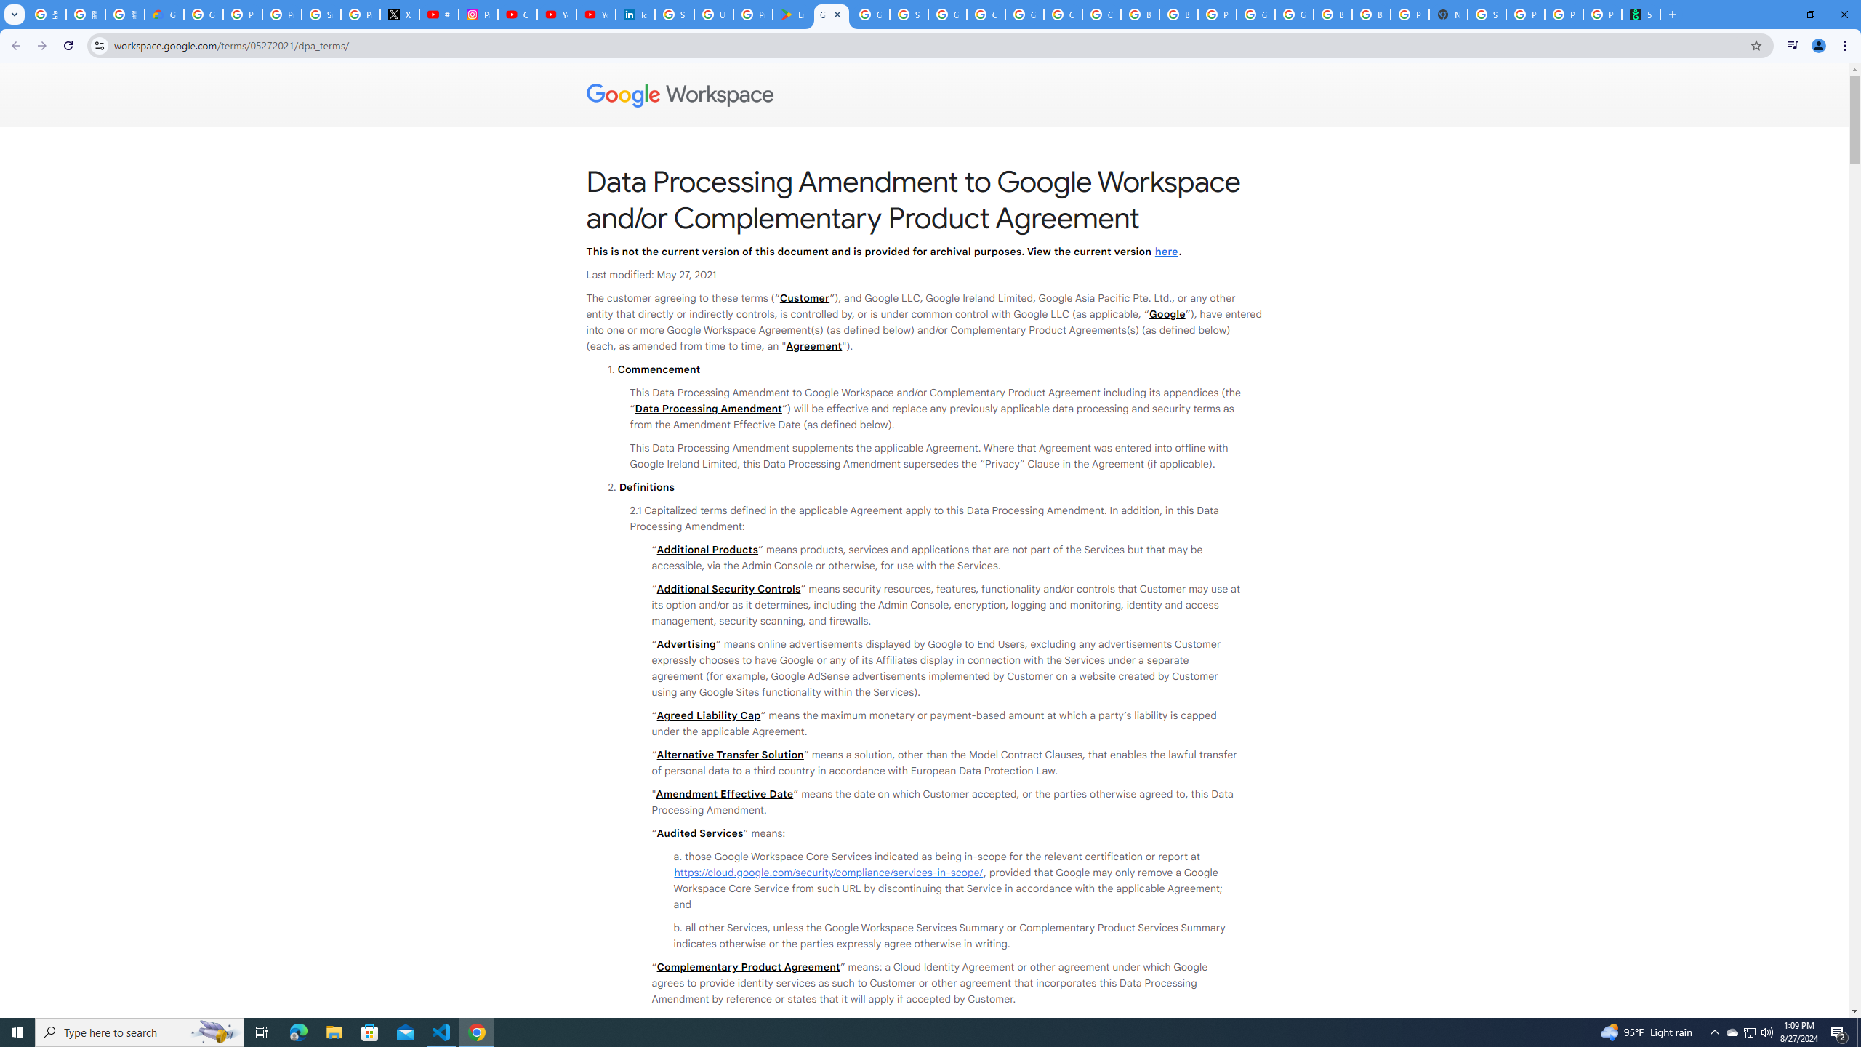  Describe the element at coordinates (98, 44) in the screenshot. I see `'View site information'` at that location.